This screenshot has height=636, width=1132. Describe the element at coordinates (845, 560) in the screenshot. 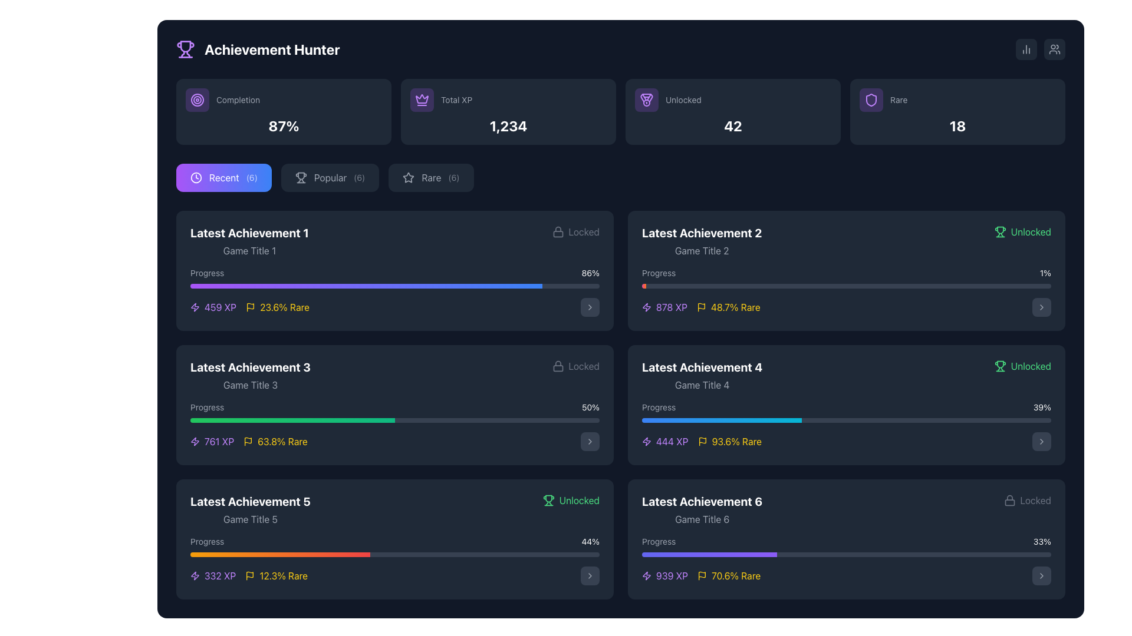

I see `the progress visually on the Progress Bar located in the 'Latest Achievement 6' card, beneath the text 'Progress' and to the left of the arrow button` at that location.